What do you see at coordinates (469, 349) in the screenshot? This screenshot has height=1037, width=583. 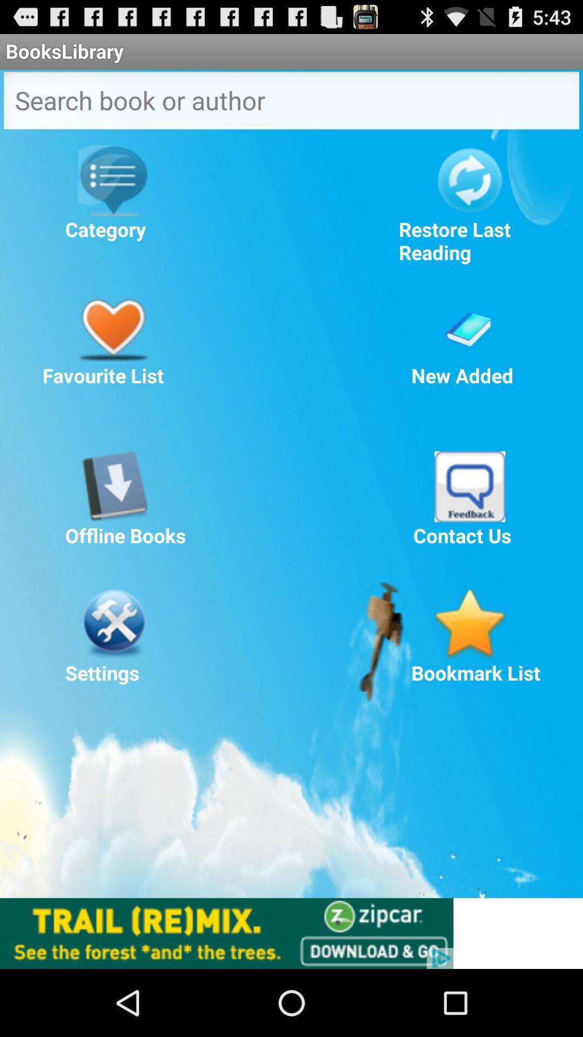 I see `the check icon` at bounding box center [469, 349].